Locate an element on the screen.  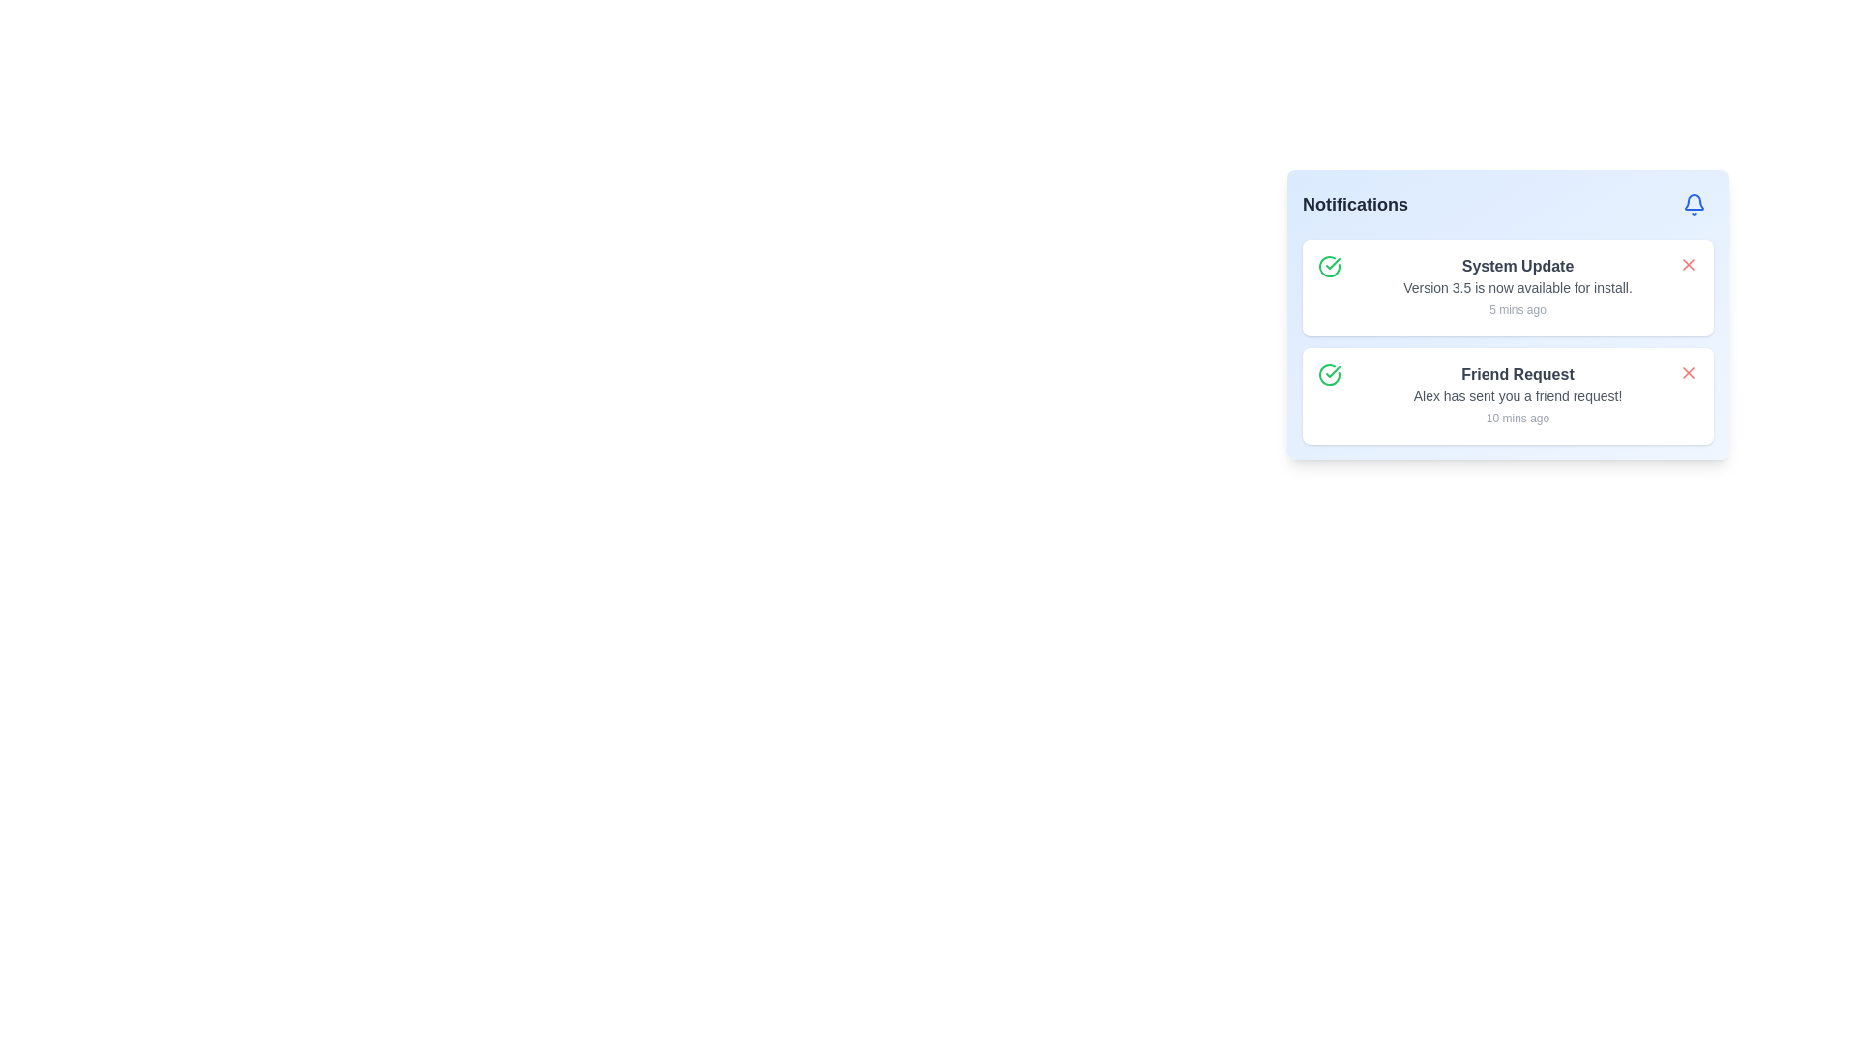
the static text label that indicates the time elapsed since the 'System Update' event, which is positioned below the descriptive text 'Version 3.5 is now available for install.' is located at coordinates (1517, 308).